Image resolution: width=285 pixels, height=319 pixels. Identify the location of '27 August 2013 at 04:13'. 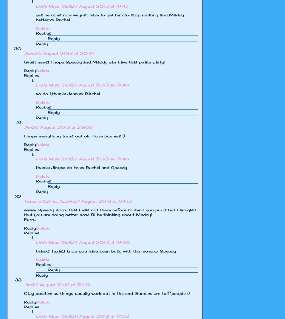
(102, 201).